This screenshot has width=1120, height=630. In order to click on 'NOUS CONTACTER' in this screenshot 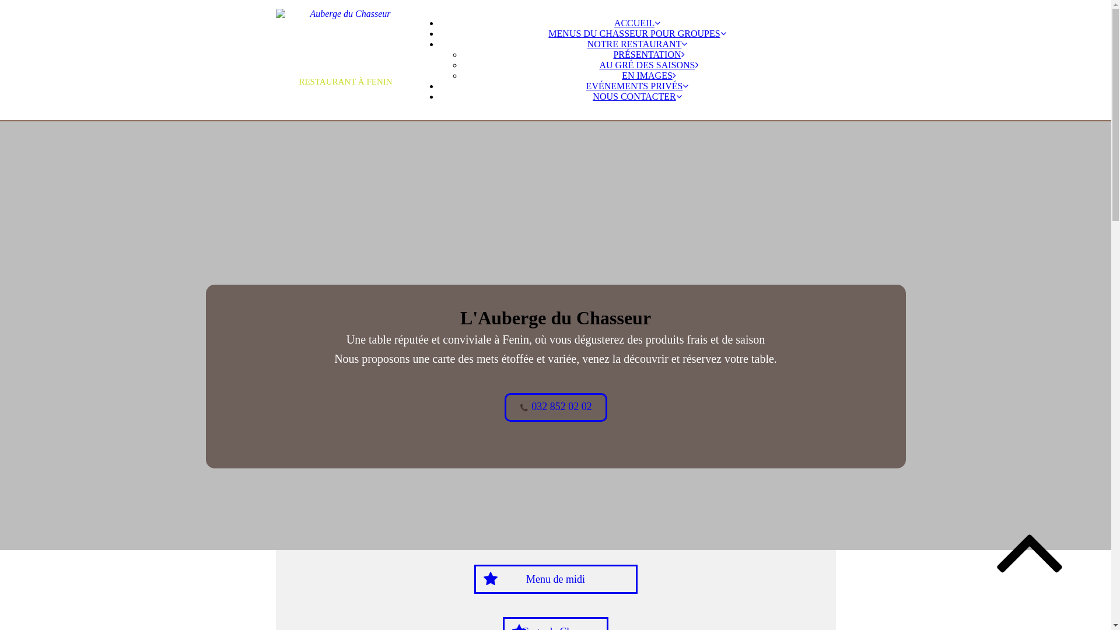, I will do `click(593, 96)`.